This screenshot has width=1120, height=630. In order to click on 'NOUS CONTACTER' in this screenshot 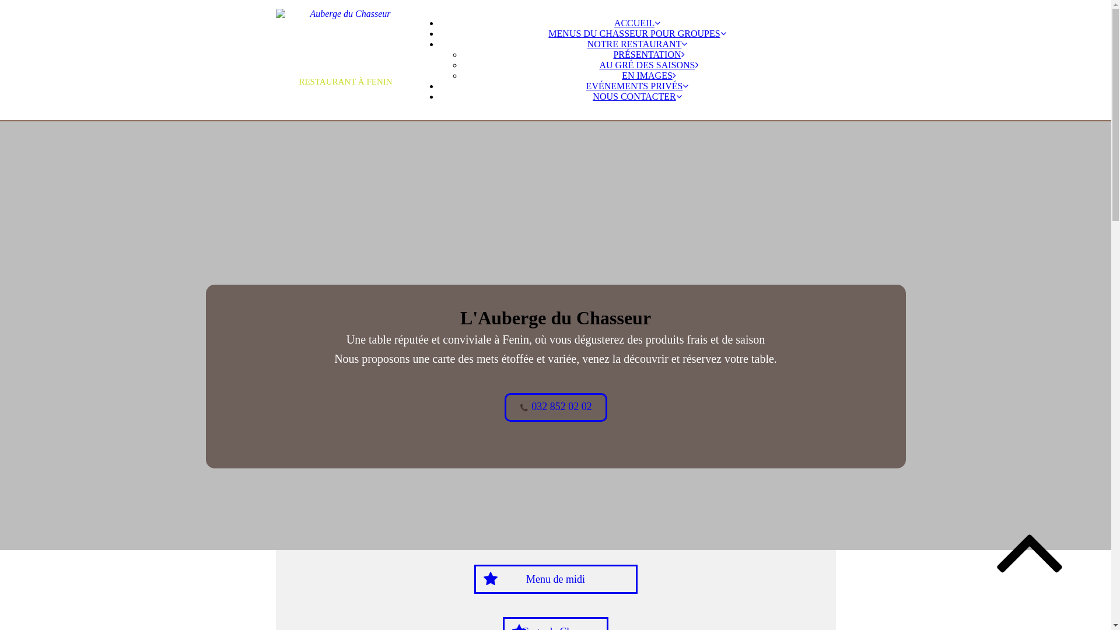, I will do `click(593, 96)`.